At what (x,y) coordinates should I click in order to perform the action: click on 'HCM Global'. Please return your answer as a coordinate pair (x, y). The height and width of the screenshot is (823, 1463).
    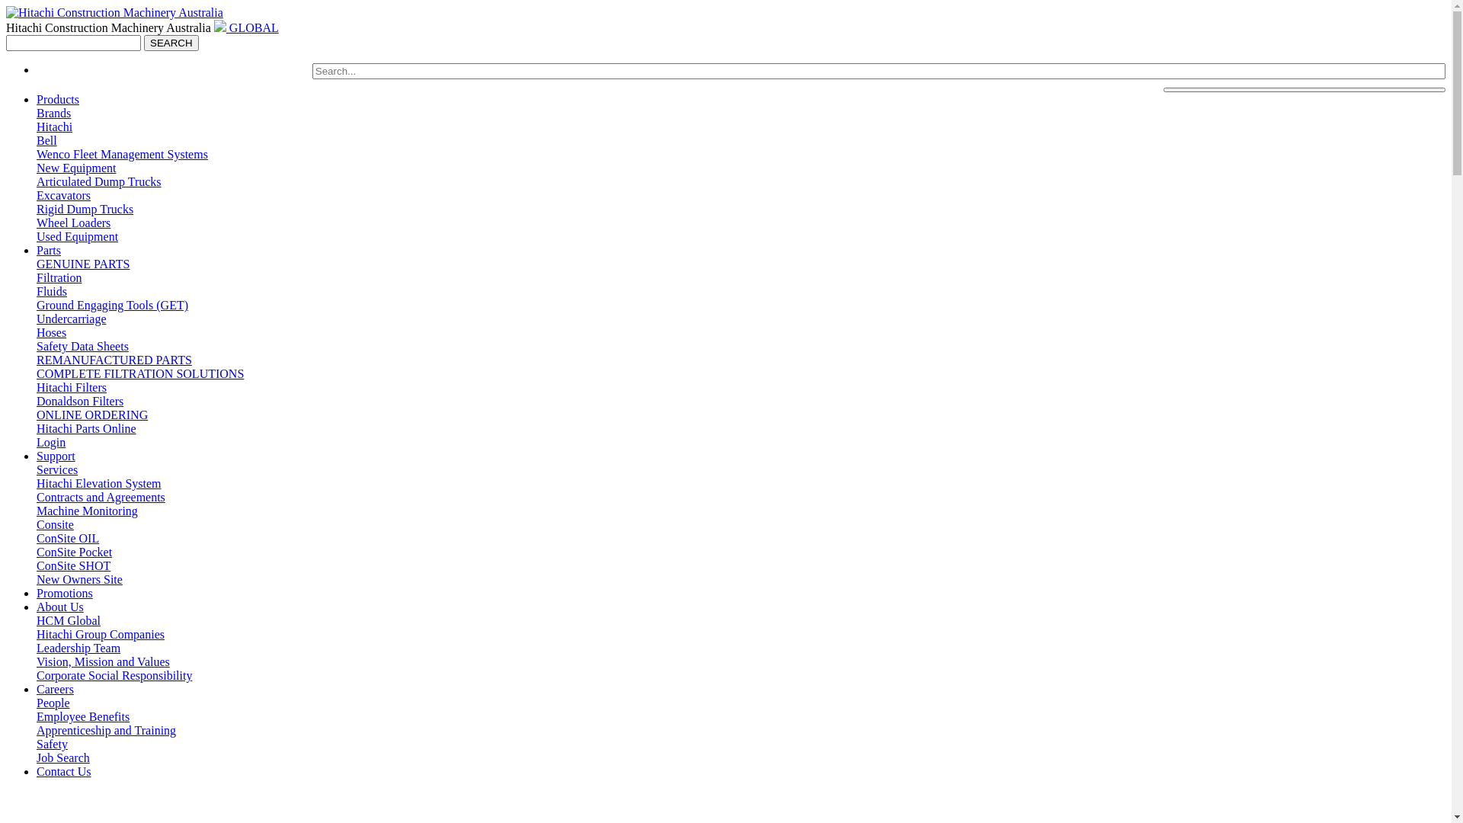
    Looking at the image, I should click on (68, 620).